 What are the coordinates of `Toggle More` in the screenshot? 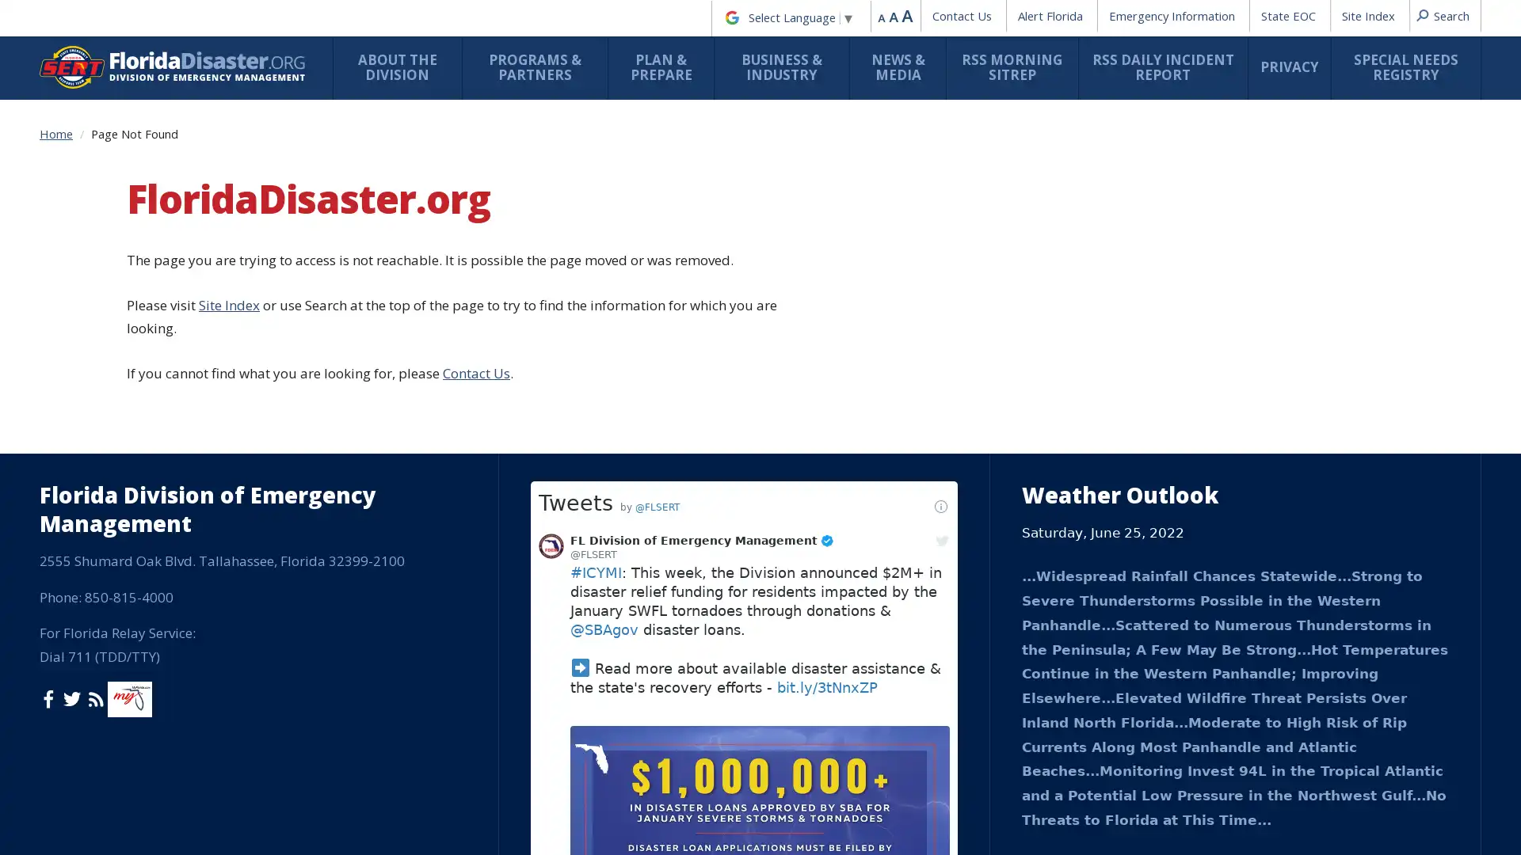 It's located at (794, 820).